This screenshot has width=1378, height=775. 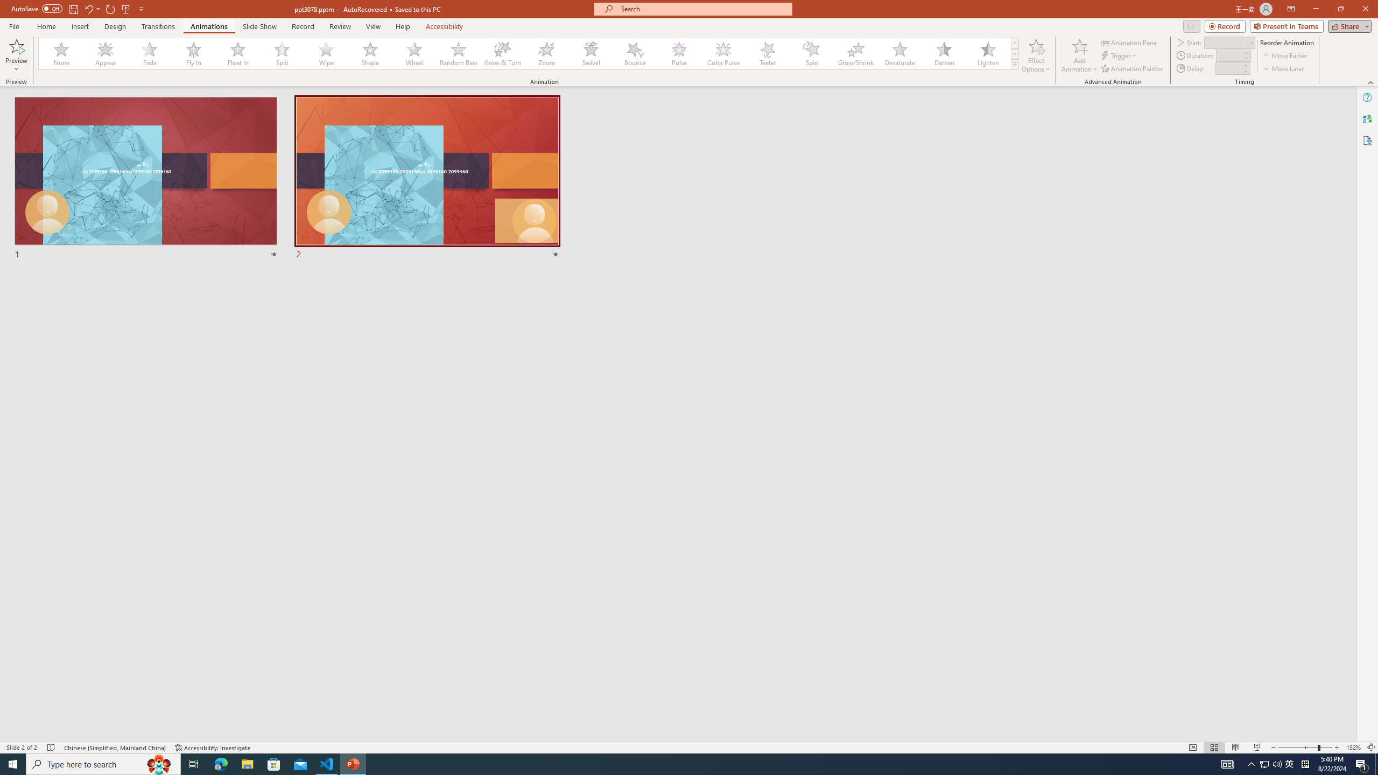 I want to click on 'Swivel', so click(x=590, y=53).